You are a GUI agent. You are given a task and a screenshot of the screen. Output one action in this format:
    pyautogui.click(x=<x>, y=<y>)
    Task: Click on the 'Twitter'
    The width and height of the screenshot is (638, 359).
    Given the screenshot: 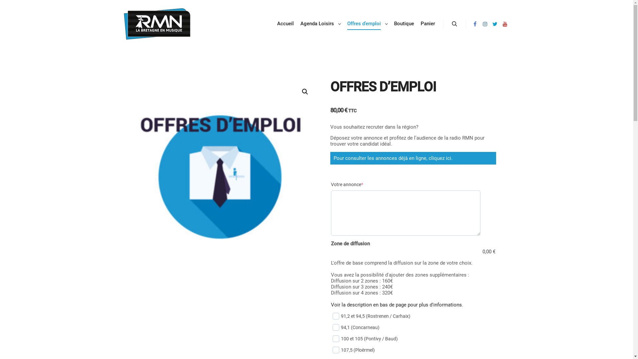 What is the action you would take?
    pyautogui.click(x=494, y=24)
    